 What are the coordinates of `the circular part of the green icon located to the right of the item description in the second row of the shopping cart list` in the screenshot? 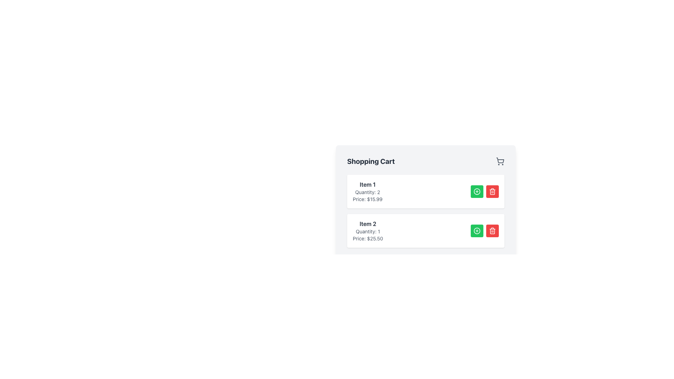 It's located at (477, 231).